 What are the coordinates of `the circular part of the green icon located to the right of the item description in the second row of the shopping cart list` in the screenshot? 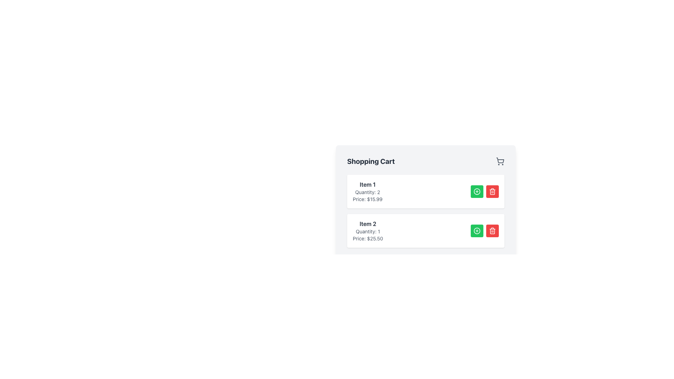 It's located at (477, 231).